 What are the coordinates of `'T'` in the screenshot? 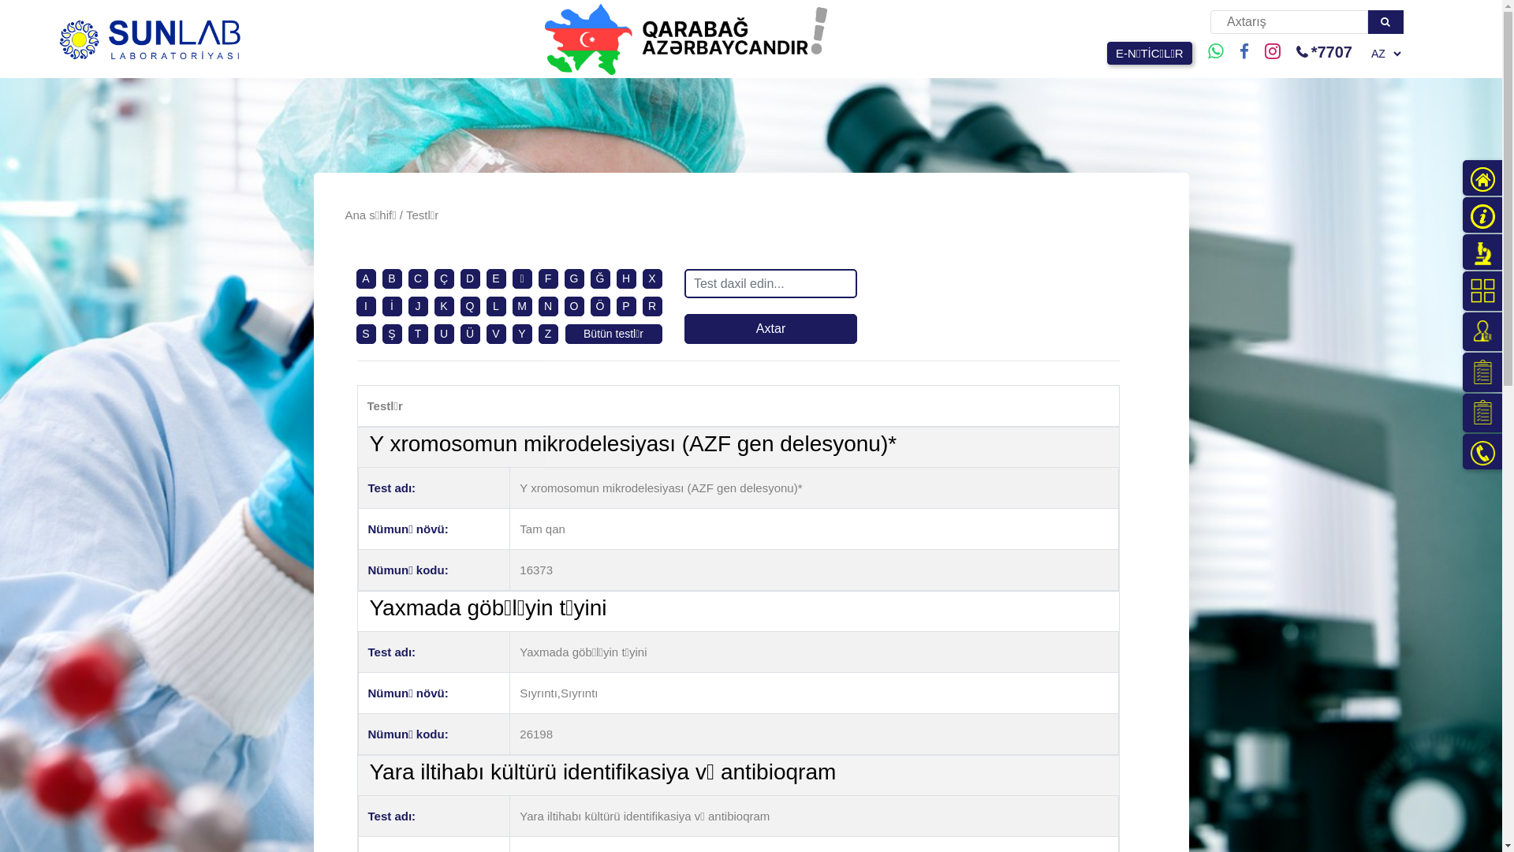 It's located at (418, 333).